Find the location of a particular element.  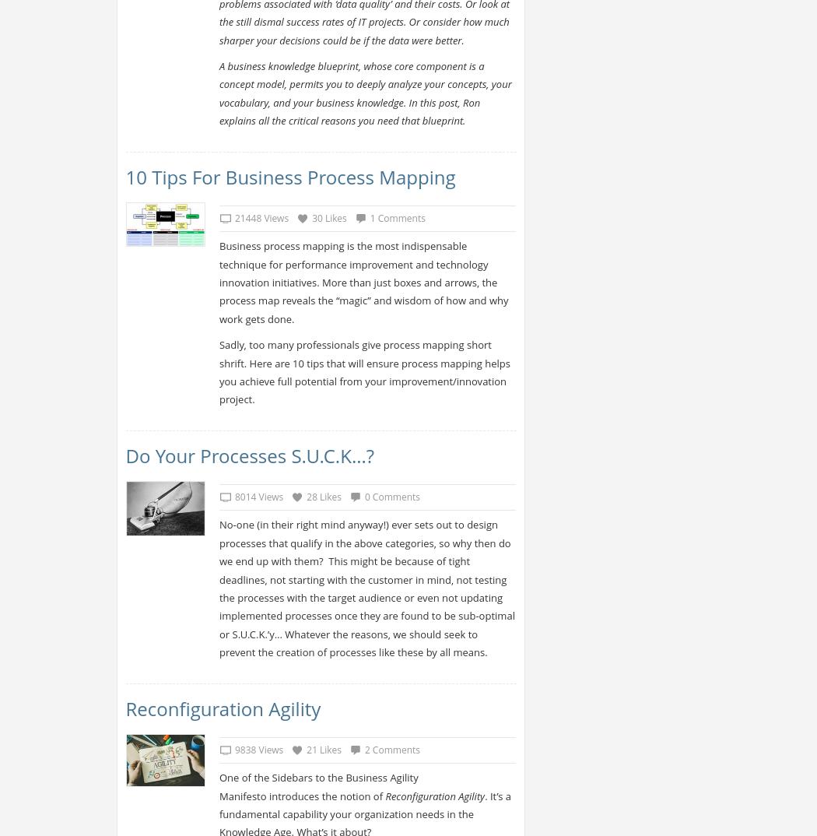

'1 Comments' is located at coordinates (396, 217).